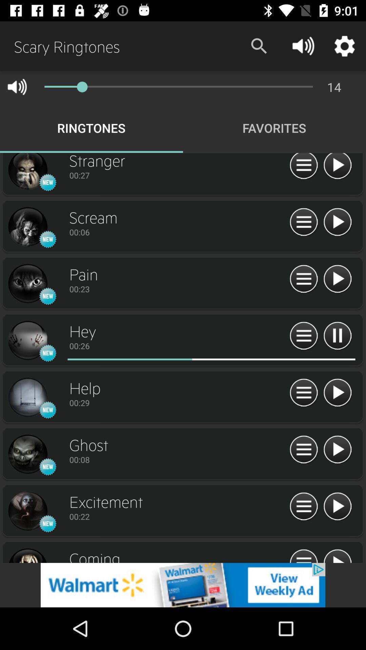 The height and width of the screenshot is (650, 366). I want to click on playe, so click(337, 279).